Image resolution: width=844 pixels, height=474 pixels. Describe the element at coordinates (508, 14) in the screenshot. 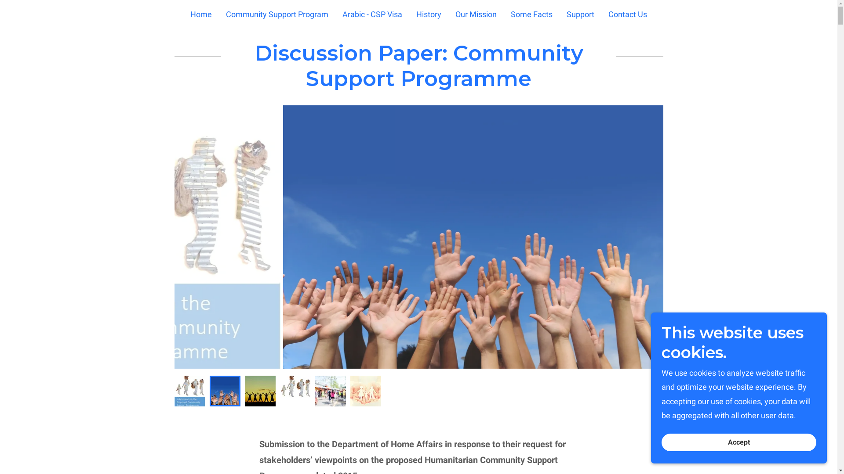

I see `'Some Facts'` at that location.